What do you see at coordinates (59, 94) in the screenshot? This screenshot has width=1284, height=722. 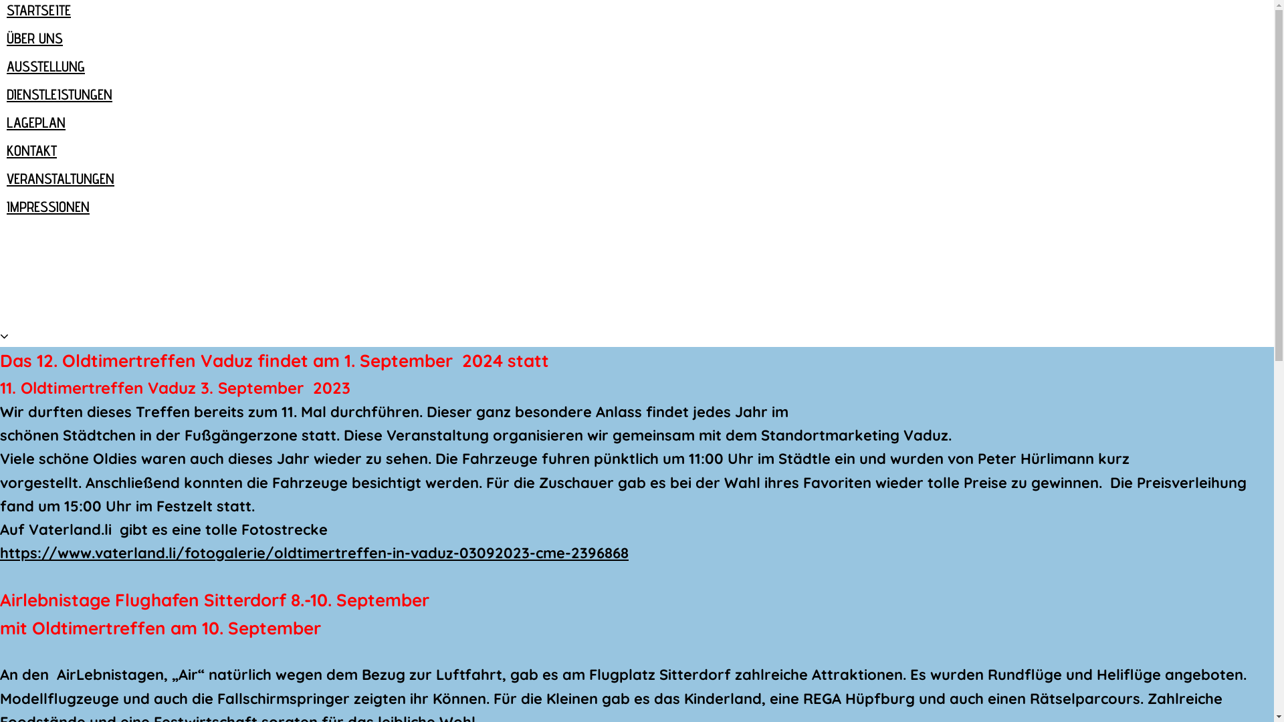 I see `'DIENSTLEISTUNGEN'` at bounding box center [59, 94].